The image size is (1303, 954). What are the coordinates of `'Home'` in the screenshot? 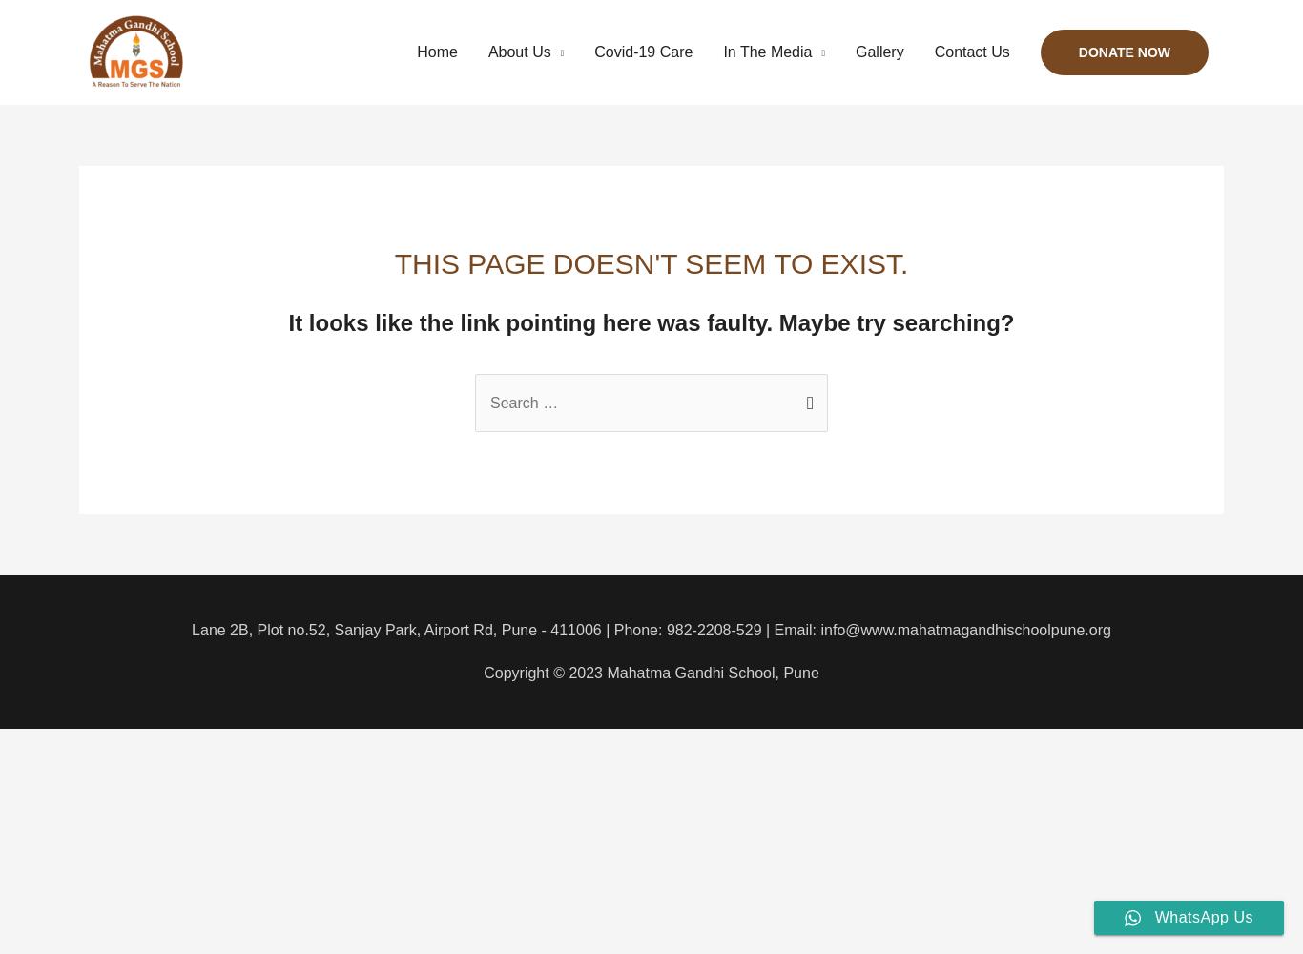 It's located at (415, 52).